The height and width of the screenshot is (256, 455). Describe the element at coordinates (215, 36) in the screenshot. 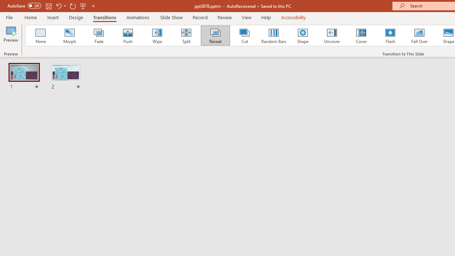

I see `'Reveal'` at that location.